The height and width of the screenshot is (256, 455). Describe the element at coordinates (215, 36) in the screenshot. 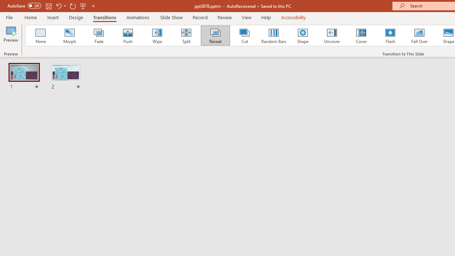

I see `'Reveal'` at that location.